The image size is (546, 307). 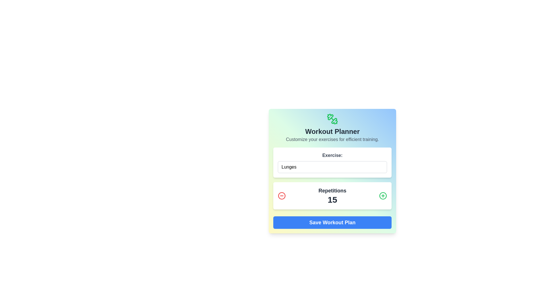 What do you see at coordinates (334, 121) in the screenshot?
I see `the center-right portion of the dumbbell icon, which is a green line-art SVG graphic in the header of the 'Workout Planner' interface` at bounding box center [334, 121].